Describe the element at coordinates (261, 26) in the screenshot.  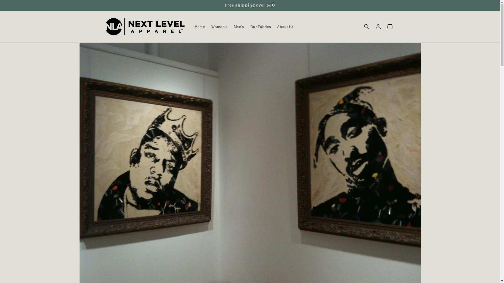
I see `'Our Fabrics'` at that location.